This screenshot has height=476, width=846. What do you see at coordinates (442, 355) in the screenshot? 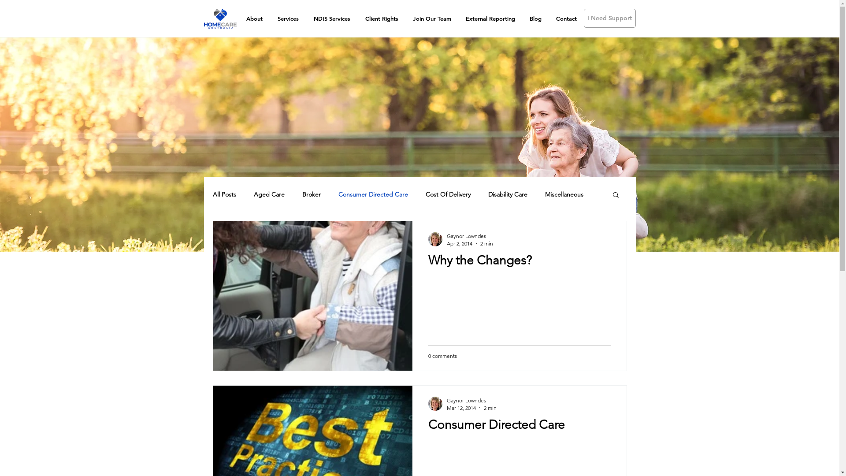
I see `'0 comments'` at bounding box center [442, 355].